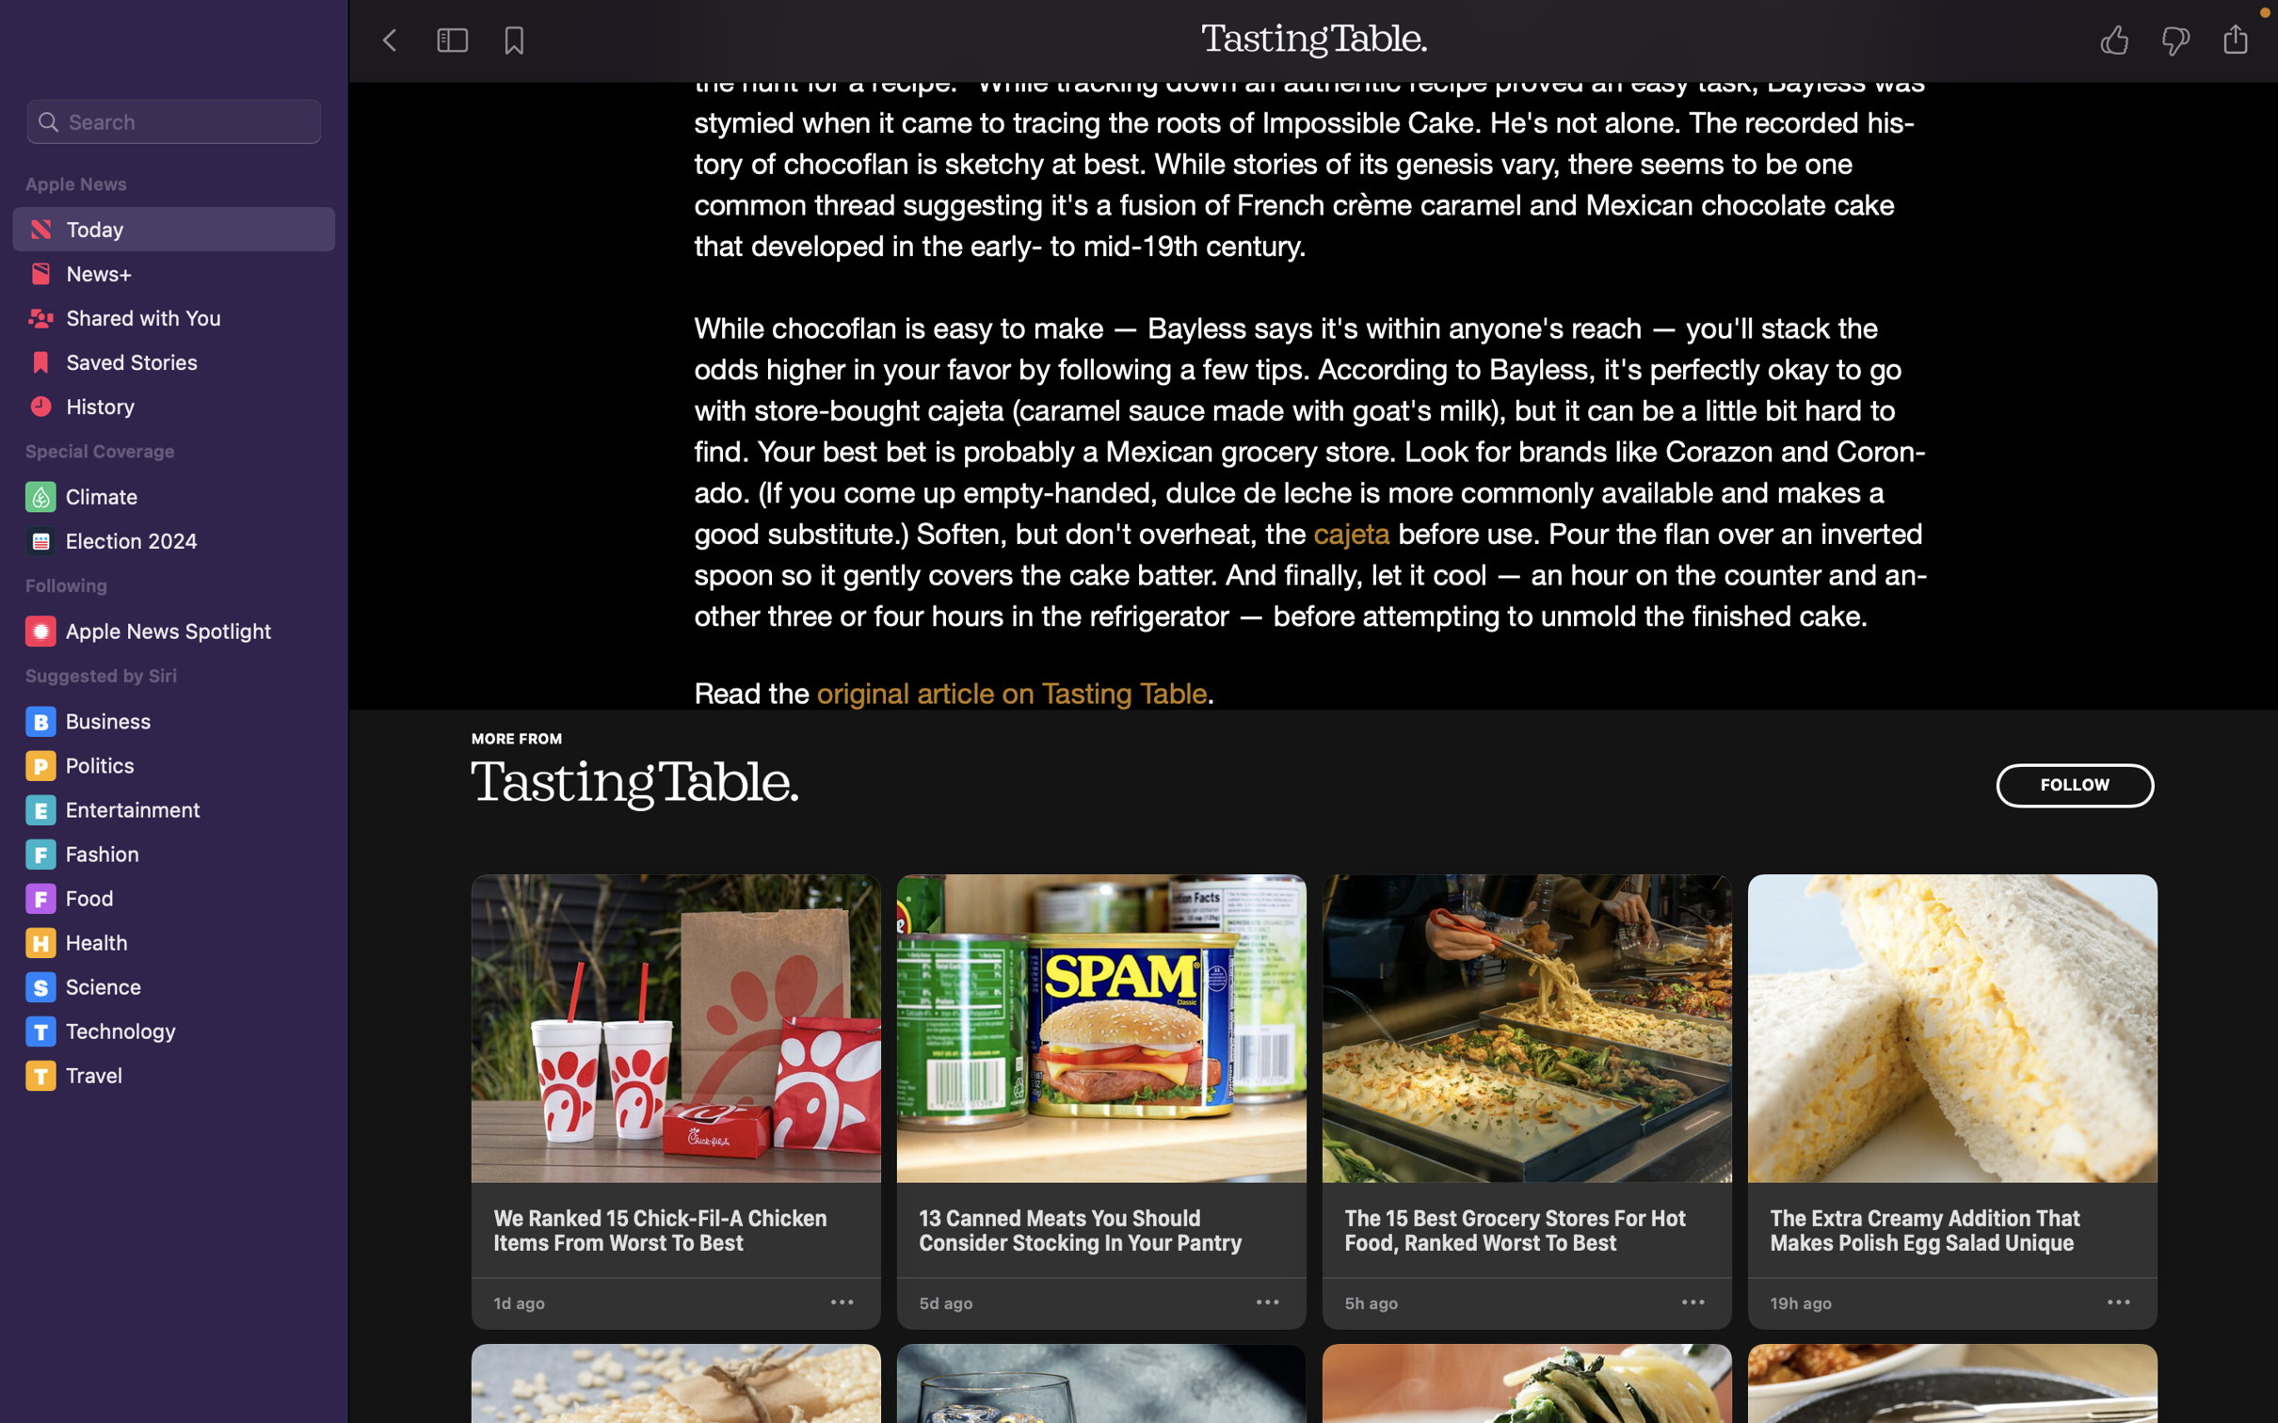  Describe the element at coordinates (1692, 1303) in the screenshot. I see `In the Tasting Table page, go to the third news story and select "suggest less"` at that location.